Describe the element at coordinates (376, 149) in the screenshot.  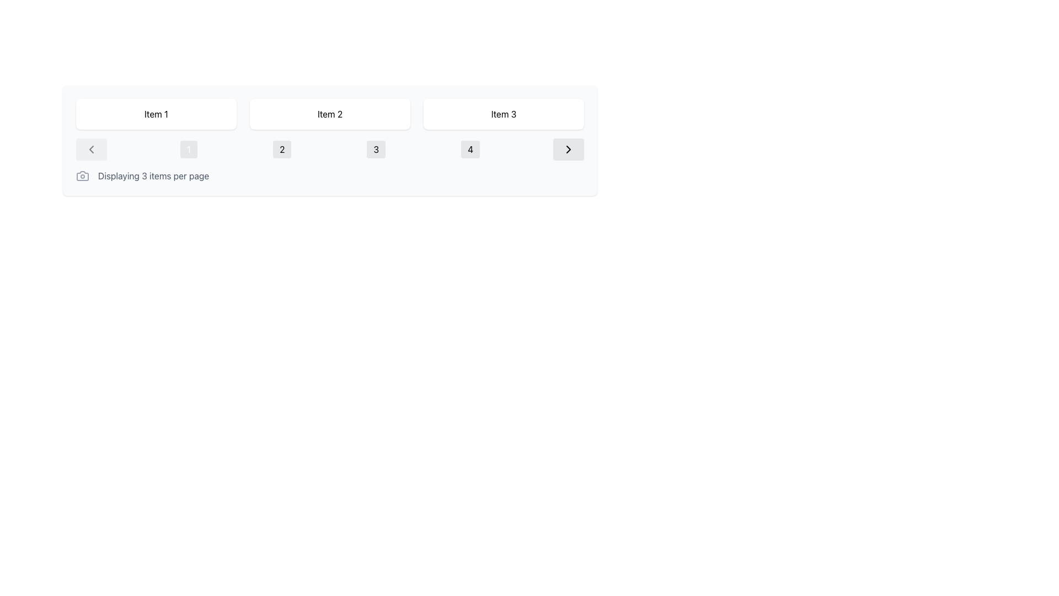
I see `the third pagination button` at that location.